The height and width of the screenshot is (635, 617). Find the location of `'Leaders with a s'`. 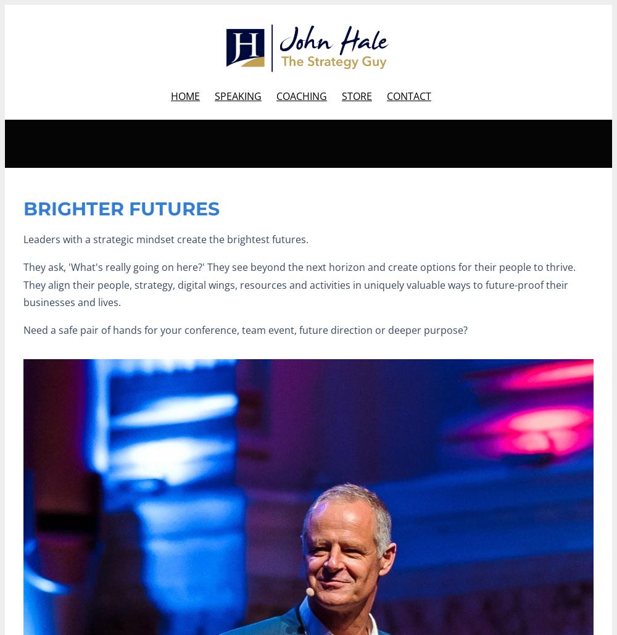

'Leaders with a s' is located at coordinates (60, 239).